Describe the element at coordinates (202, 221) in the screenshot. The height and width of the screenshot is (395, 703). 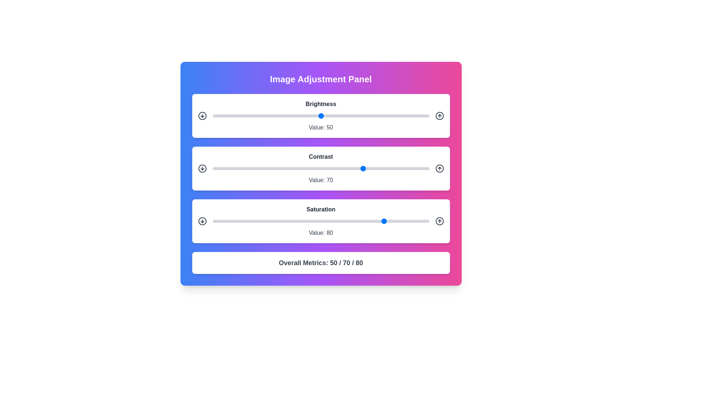
I see `the leftmost icon in the Saturation adjustment panel` at that location.